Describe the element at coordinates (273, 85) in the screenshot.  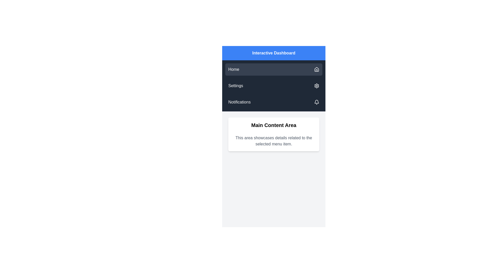
I see `the 'Settings' button in the vertical navigation menu, which has a dark gray background and is positioned under the 'Interactive Dashboard' bar` at that location.